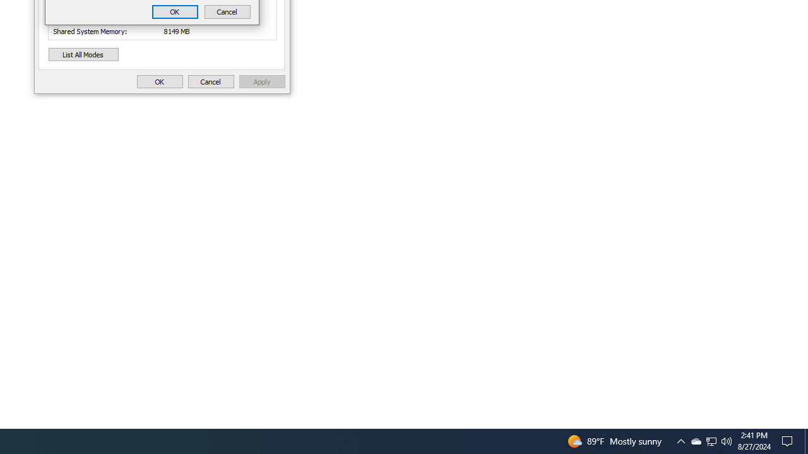 This screenshot has height=454, width=808. What do you see at coordinates (695, 440) in the screenshot?
I see `'Q2790: 100%'` at bounding box center [695, 440].